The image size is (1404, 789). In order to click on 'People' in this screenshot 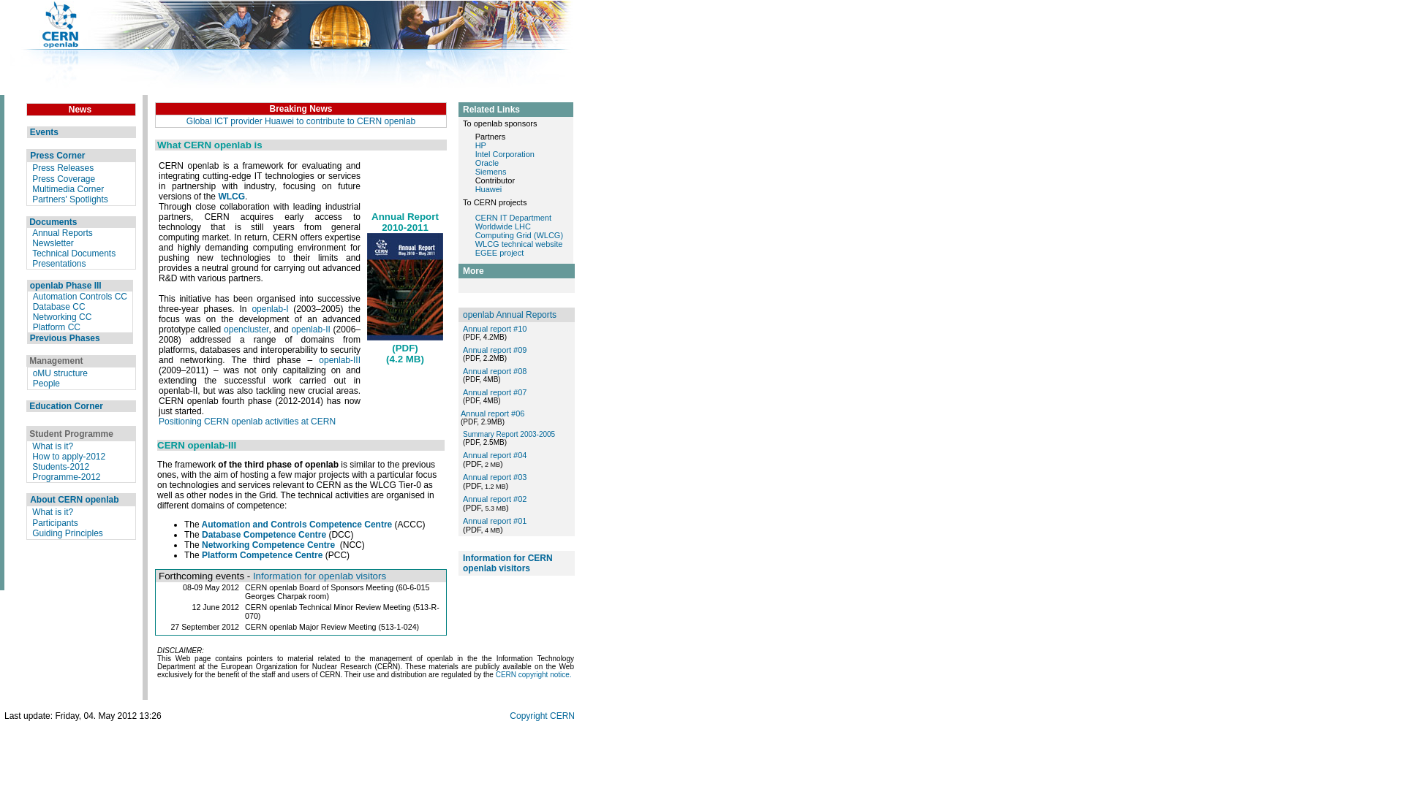, I will do `click(46, 382)`.